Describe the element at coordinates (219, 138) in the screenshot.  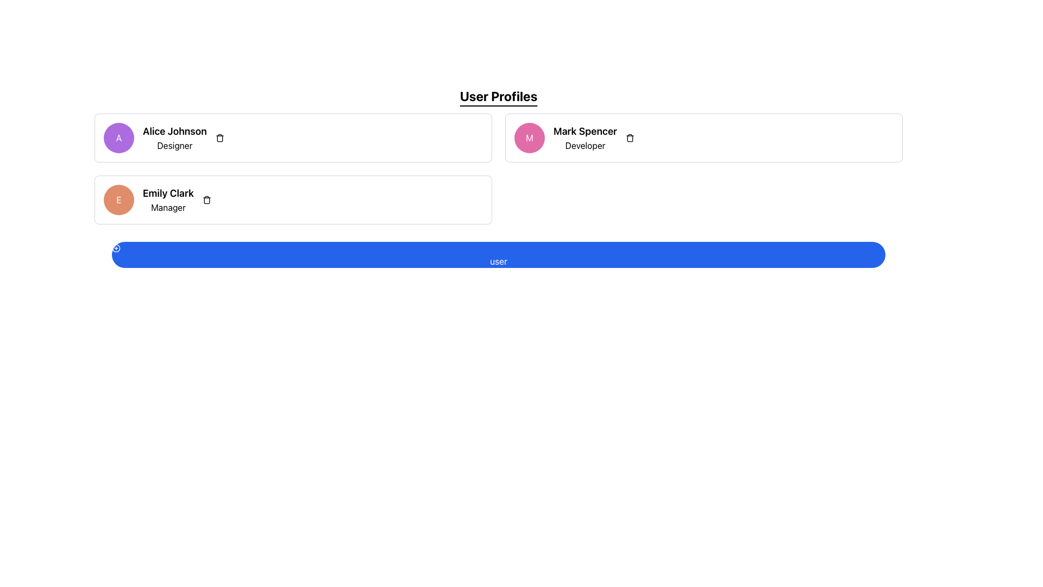
I see `the trash bin icon located to the right of the 'Alice Johnson' profile entry` at that location.